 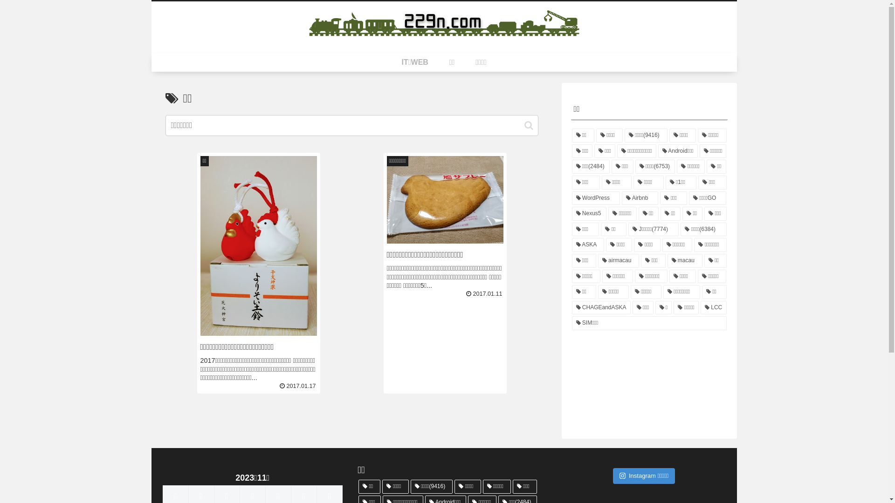 I want to click on 'CHAGEandASKA', so click(x=601, y=307).